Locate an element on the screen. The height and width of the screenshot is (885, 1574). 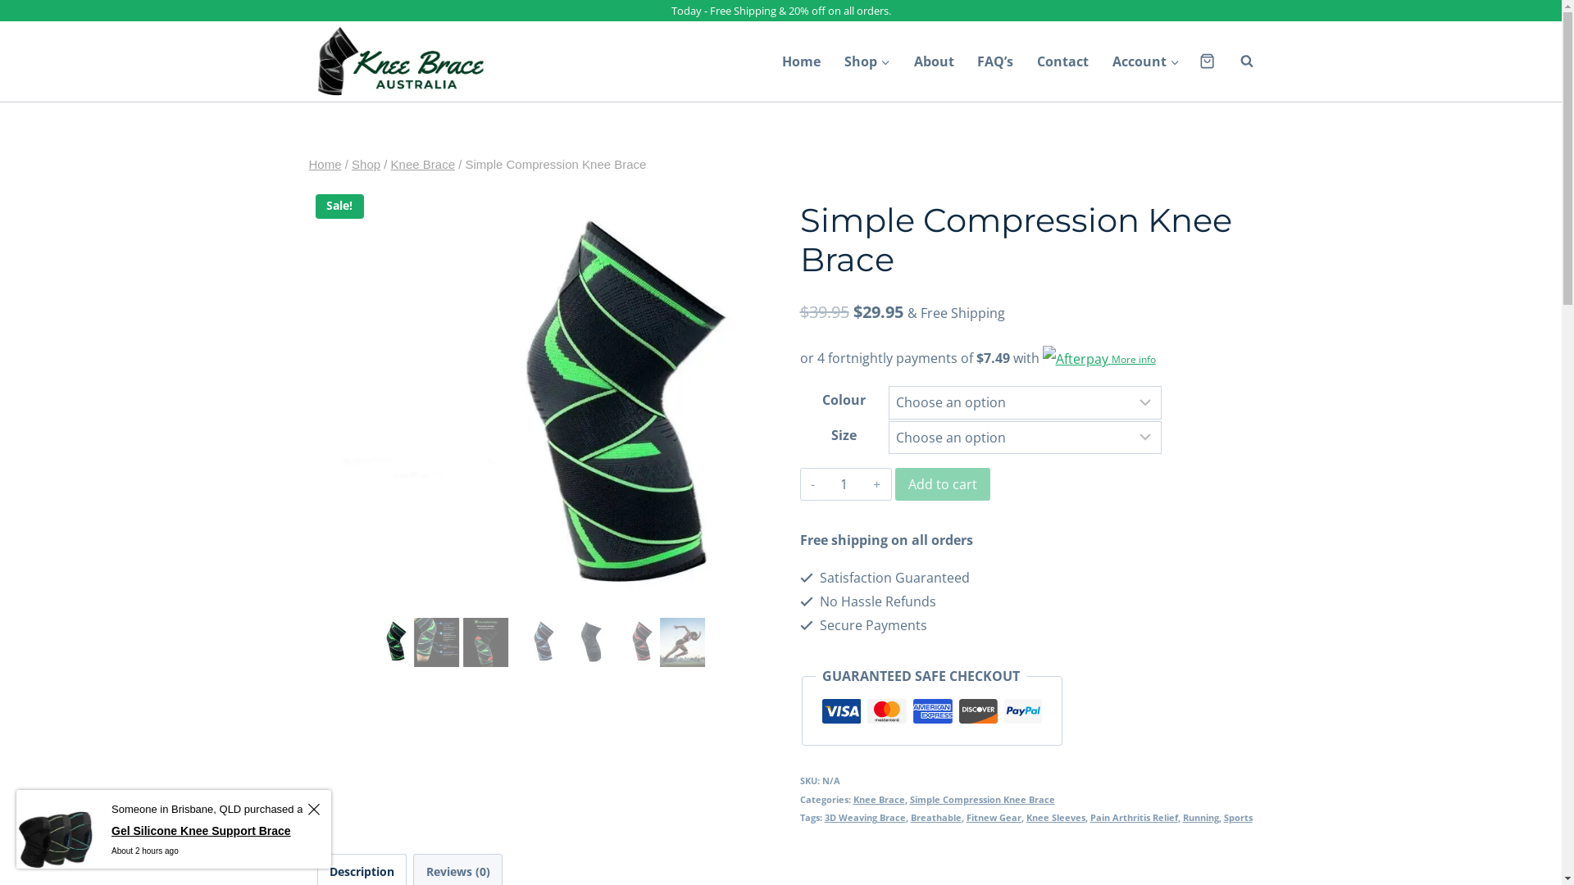
'Gel Silicone Knee Support Brace' is located at coordinates (127, 831).